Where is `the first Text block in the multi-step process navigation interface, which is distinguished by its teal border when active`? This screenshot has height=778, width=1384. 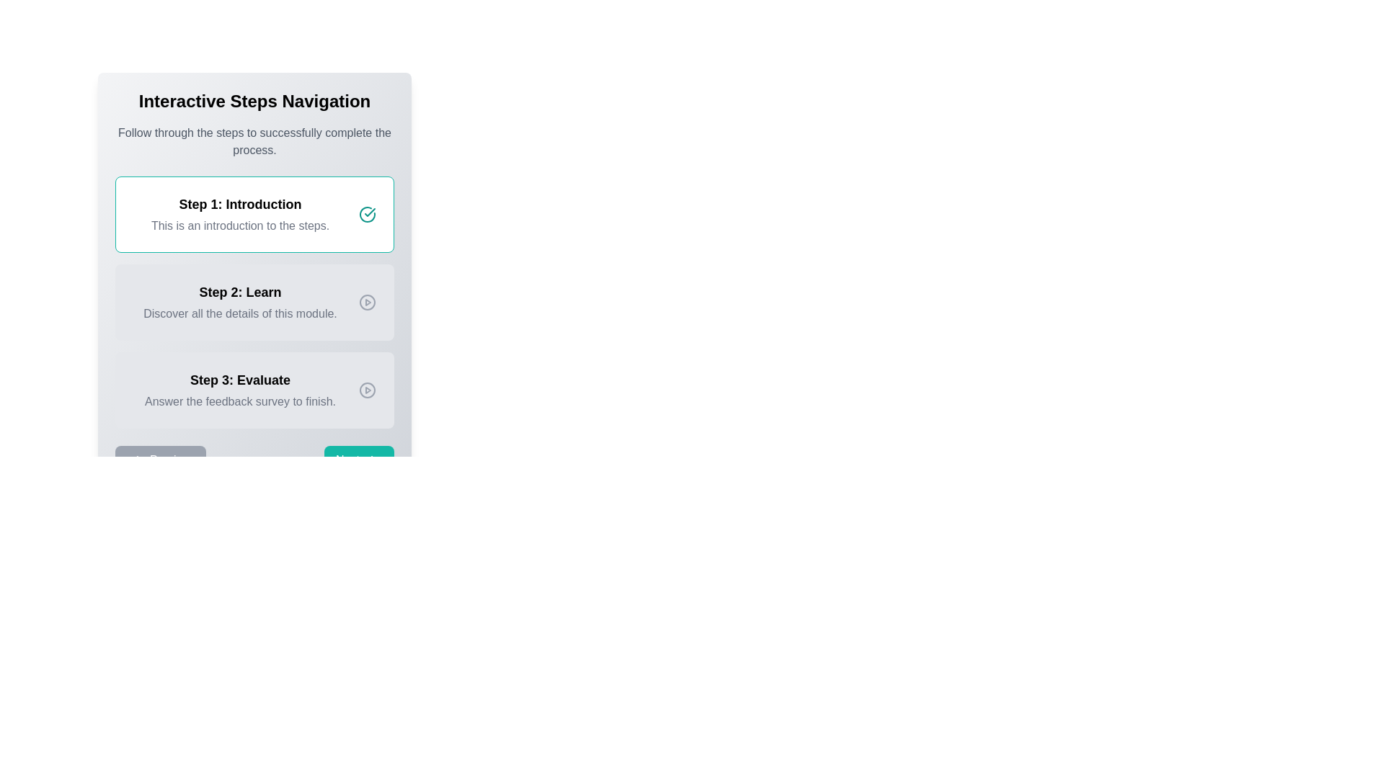
the first Text block in the multi-step process navigation interface, which is distinguished by its teal border when active is located at coordinates (240, 214).